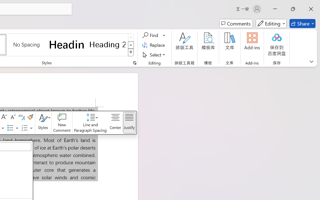 Image resolution: width=320 pixels, height=200 pixels. Describe the element at coordinates (129, 123) in the screenshot. I see `'Justify'` at that location.